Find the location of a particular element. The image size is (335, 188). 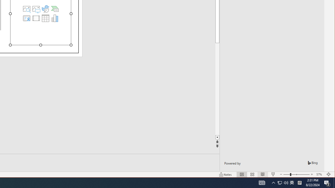

'Show desktop' is located at coordinates (334, 182).